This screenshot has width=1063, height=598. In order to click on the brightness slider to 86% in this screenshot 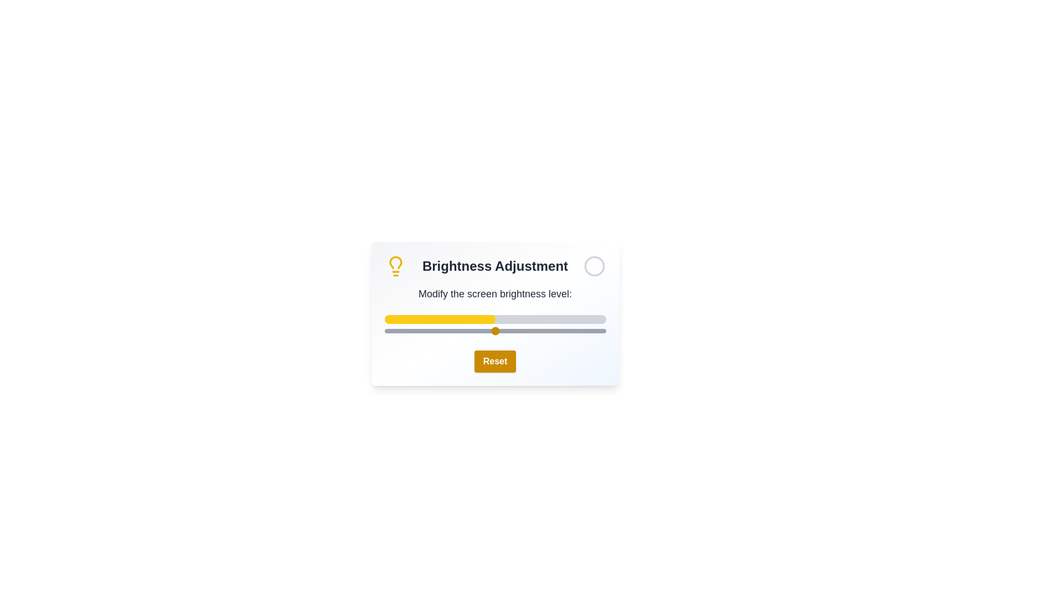, I will do `click(575, 330)`.